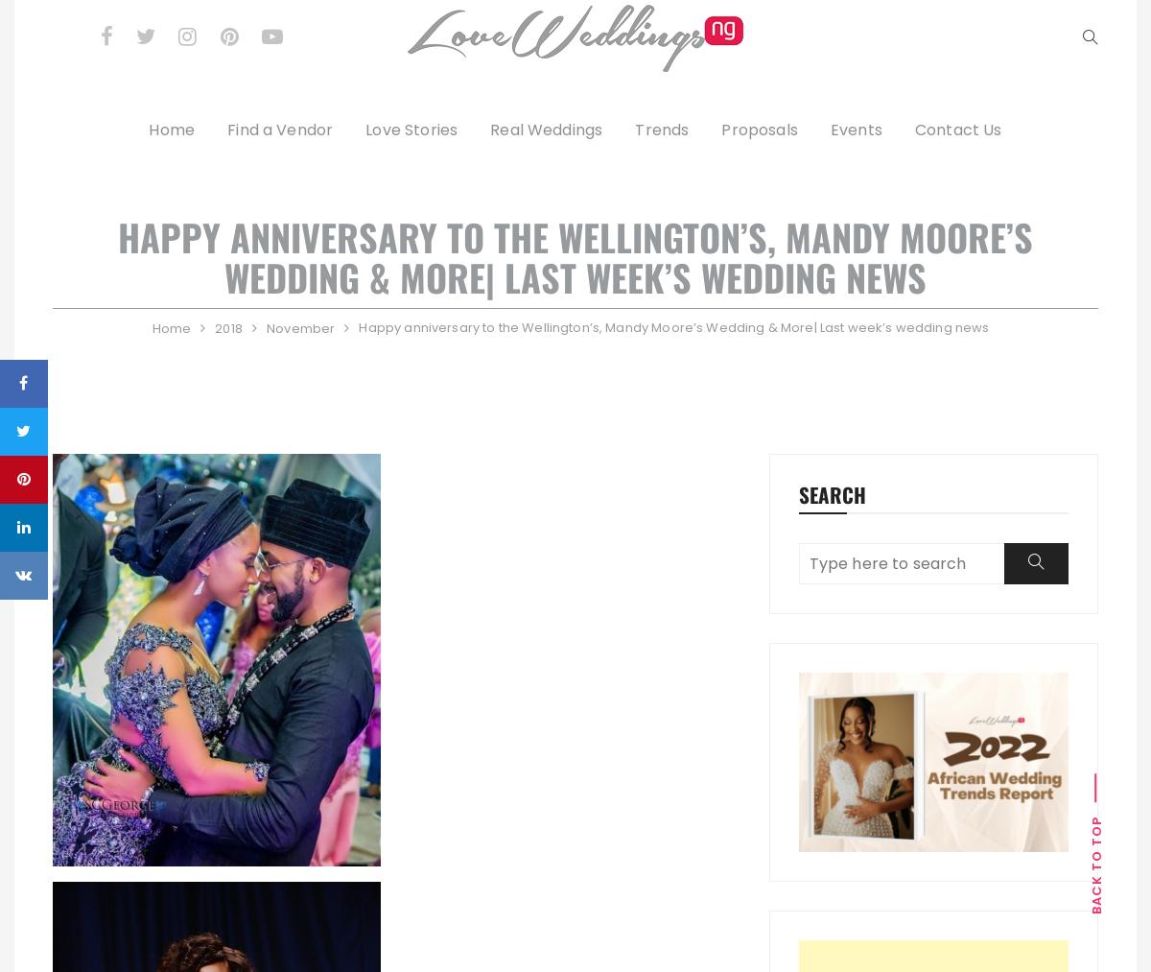 This screenshot has height=972, width=1151. I want to click on '2018', so click(226, 327).